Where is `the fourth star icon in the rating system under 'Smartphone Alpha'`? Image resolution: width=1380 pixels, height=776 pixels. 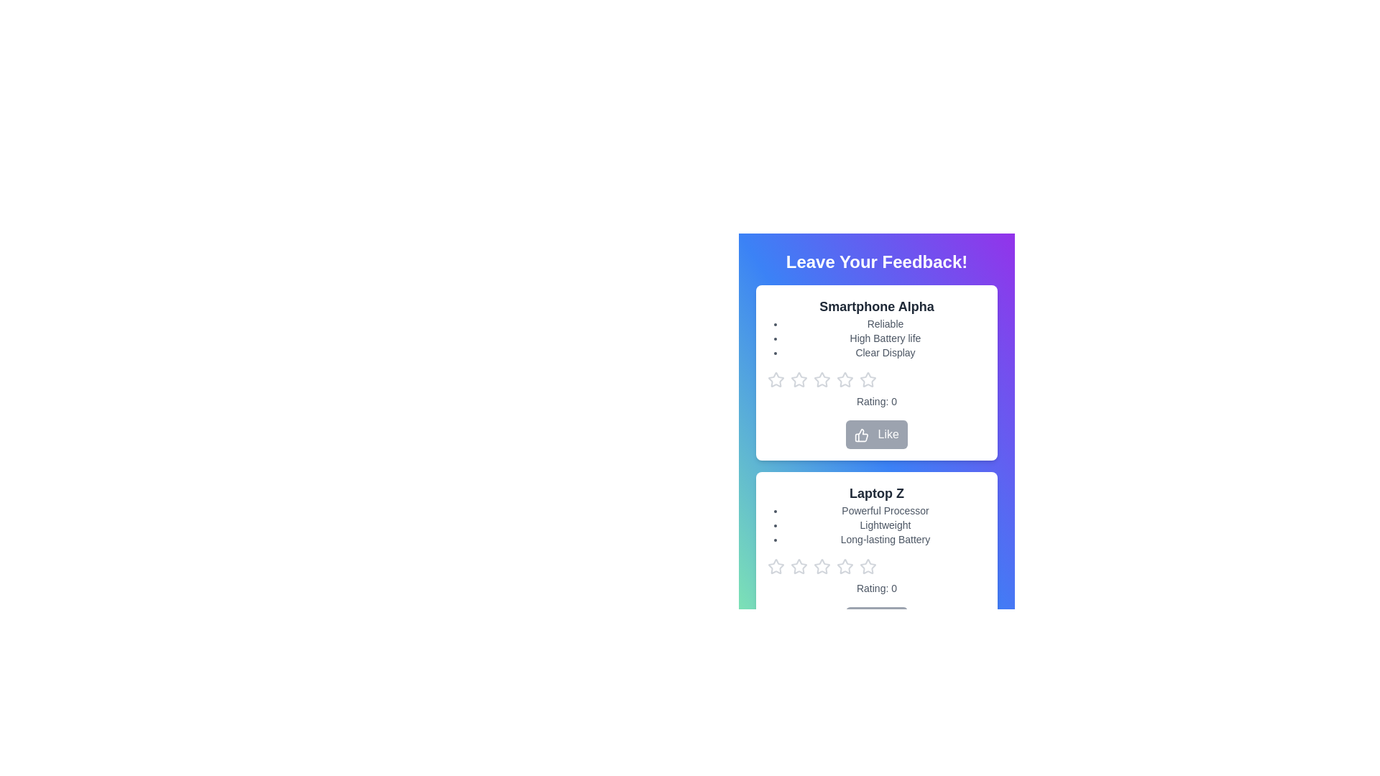
the fourth star icon in the rating system under 'Smartphone Alpha' is located at coordinates (822, 379).